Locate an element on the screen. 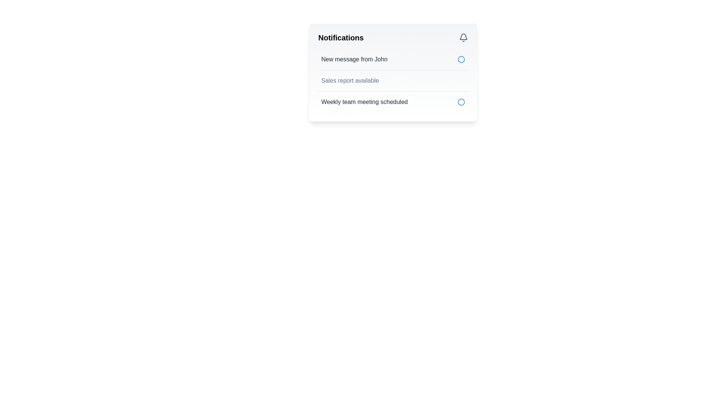 The height and width of the screenshot is (404, 719). the notification item displaying information about a scheduled meeting is located at coordinates (393, 102).